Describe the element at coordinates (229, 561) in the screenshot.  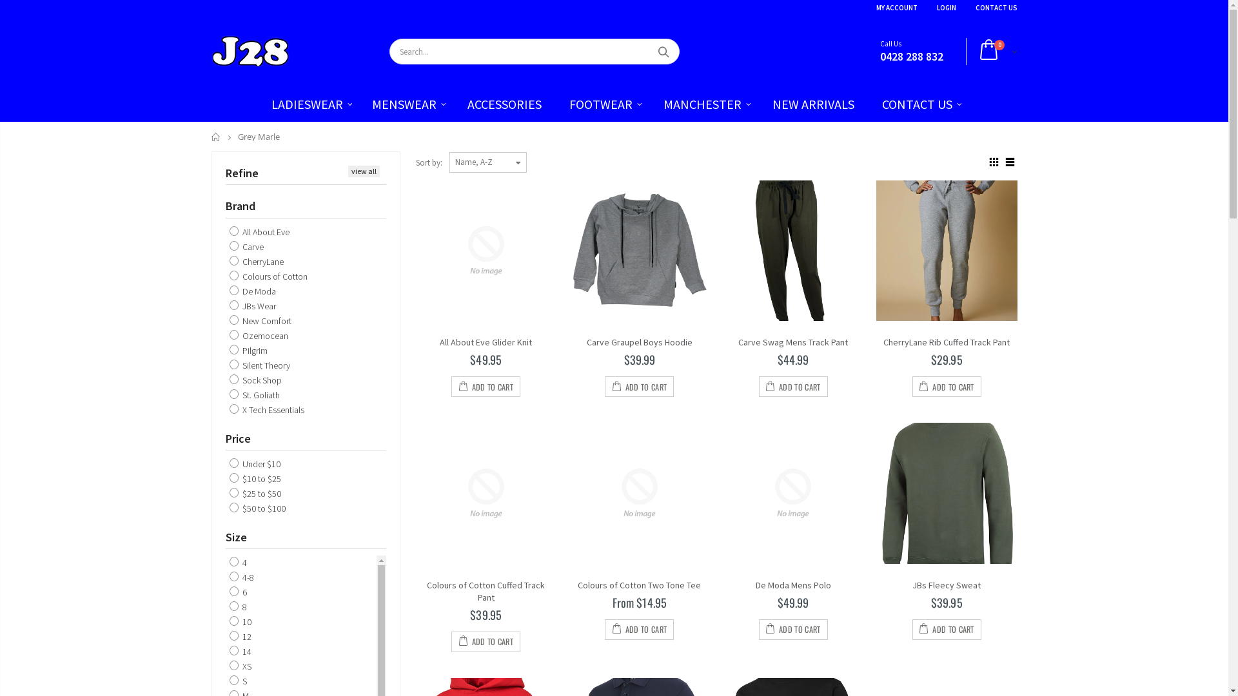
I see `'4'` at that location.